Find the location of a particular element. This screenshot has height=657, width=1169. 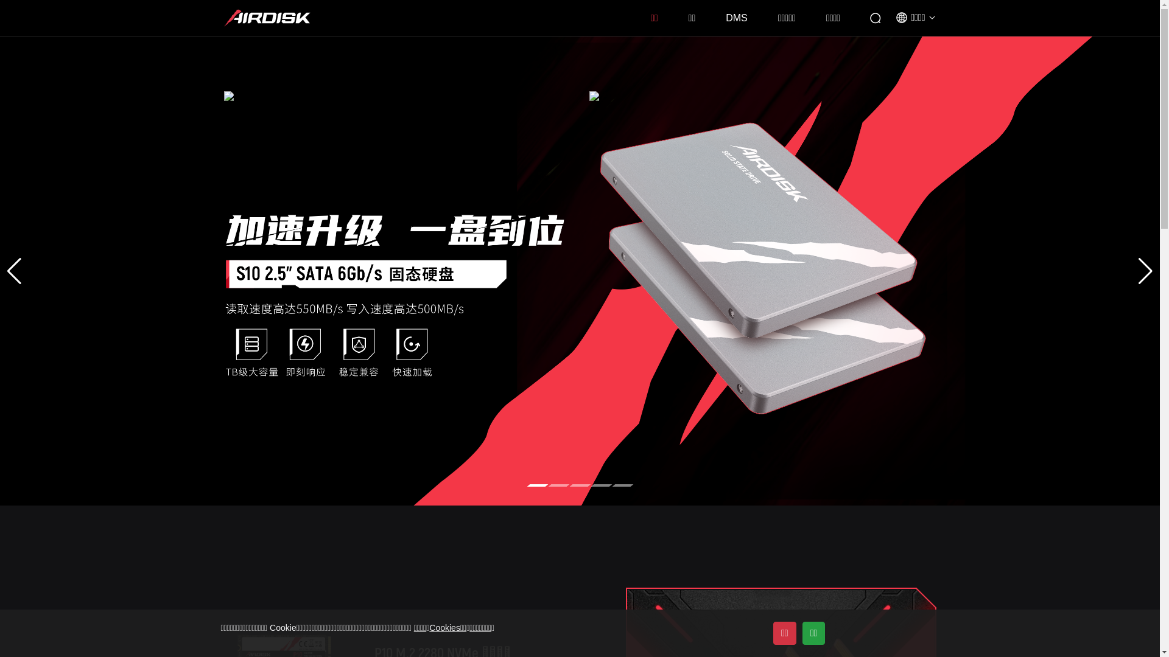

'DMS' is located at coordinates (710, 18).